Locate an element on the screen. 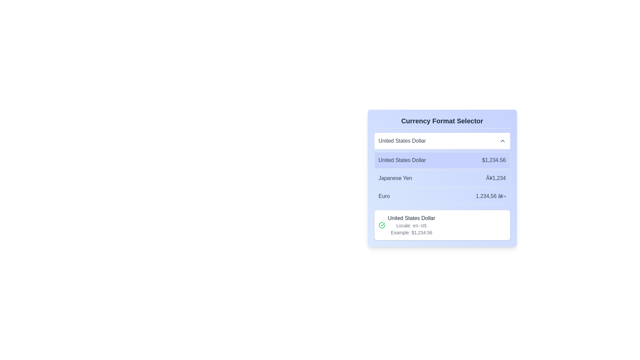 This screenshot has height=360, width=640. the success confirmation icon adjacent to the currency-related description box, indicating the selected currency format if it is interactive is located at coordinates (382, 225).